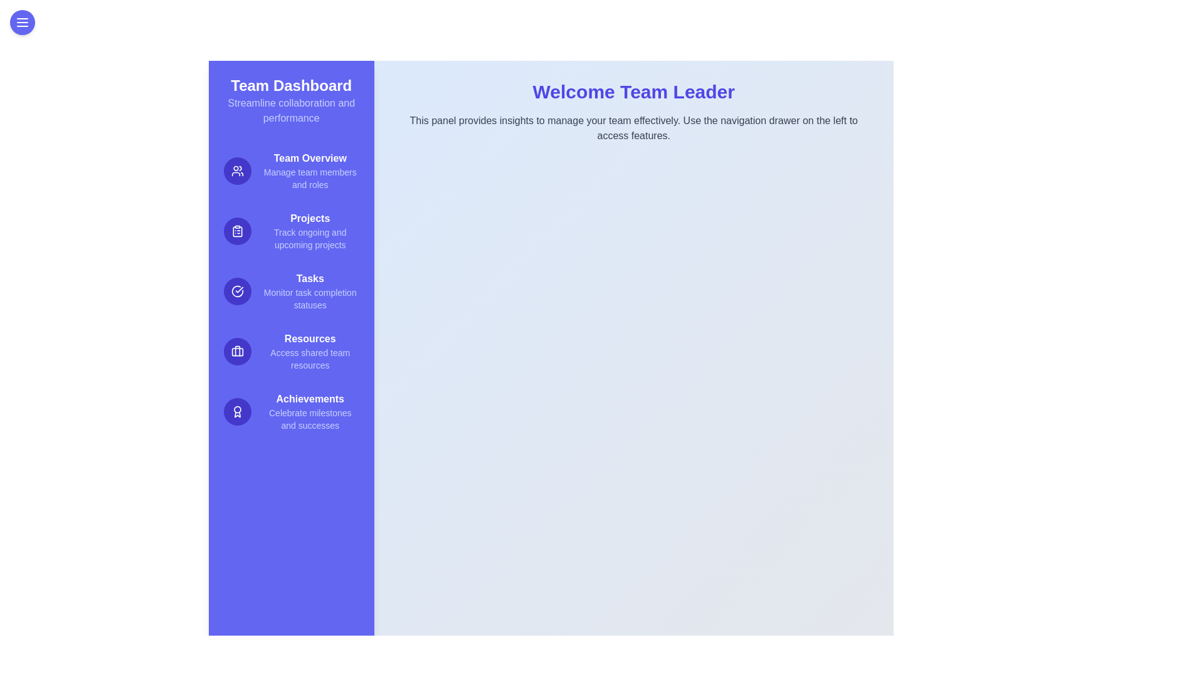 The height and width of the screenshot is (677, 1204). I want to click on the Tasks feature in the drawer menu, so click(290, 291).